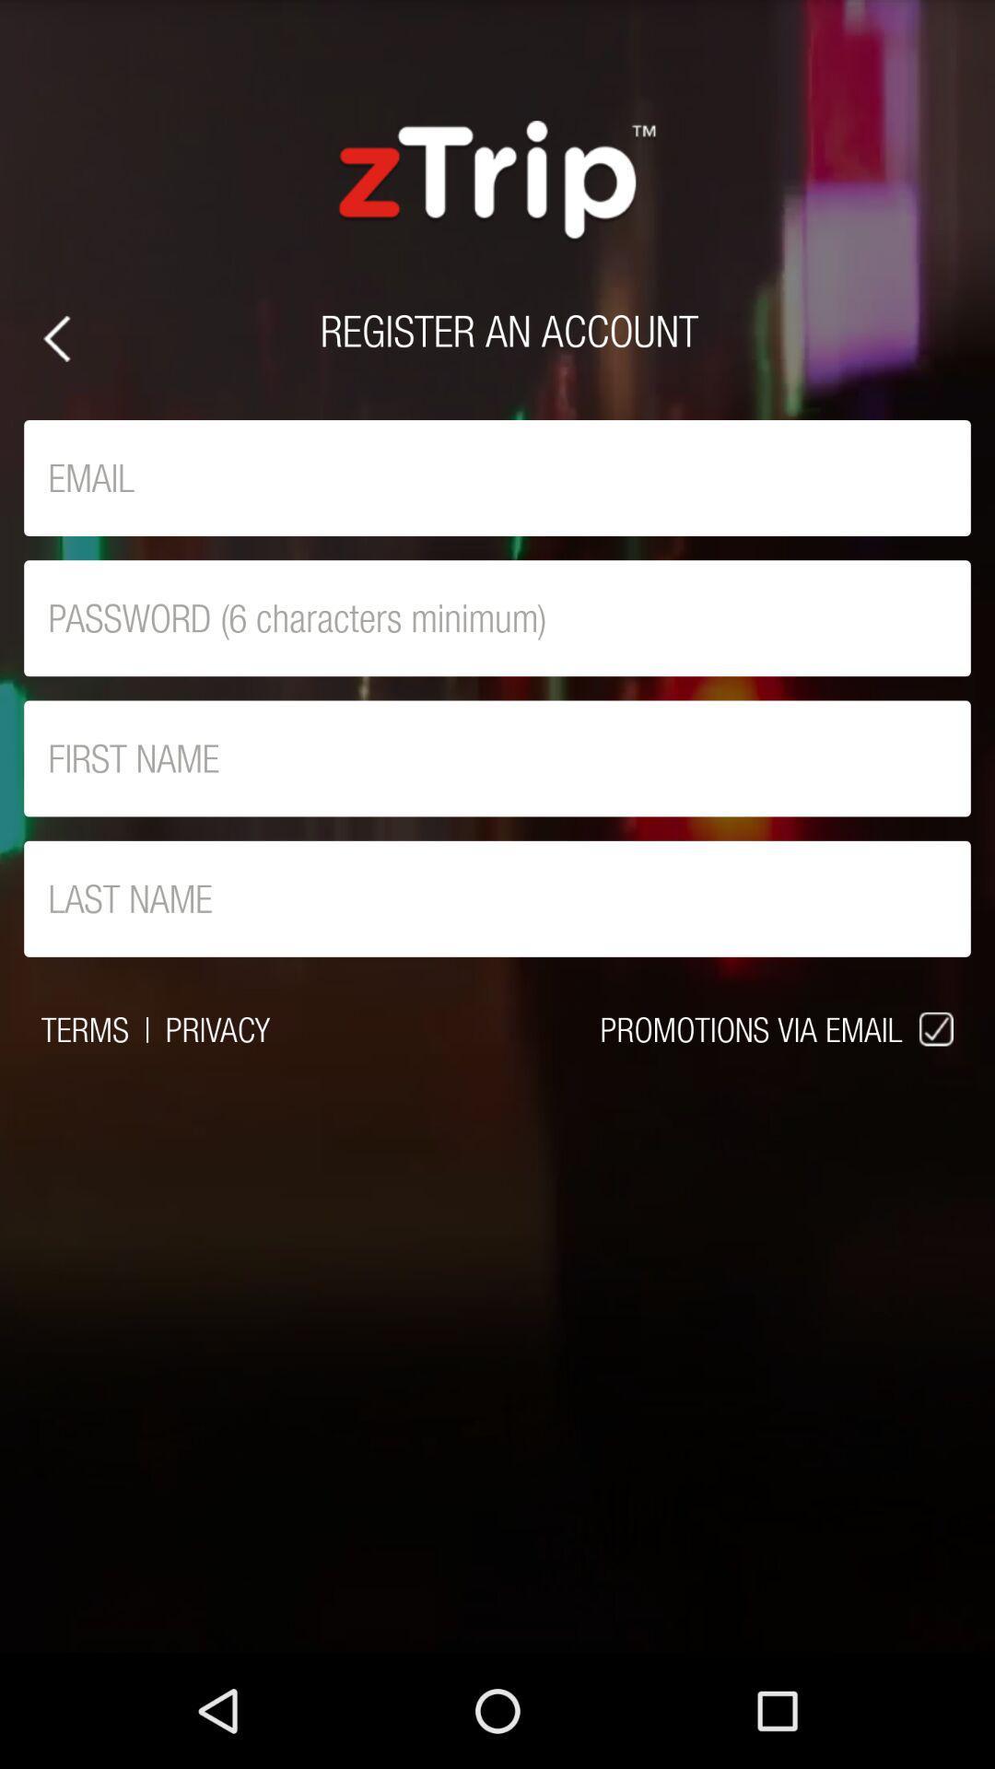  What do you see at coordinates (85, 1028) in the screenshot?
I see `the terms item` at bounding box center [85, 1028].